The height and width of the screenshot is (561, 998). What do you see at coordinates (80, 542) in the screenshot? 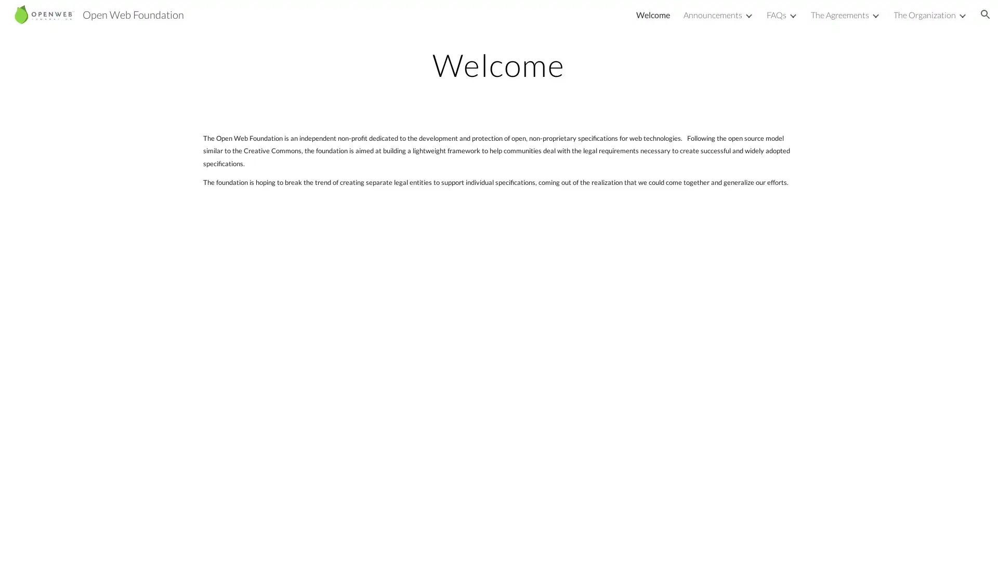
I see `Google Sites` at bounding box center [80, 542].